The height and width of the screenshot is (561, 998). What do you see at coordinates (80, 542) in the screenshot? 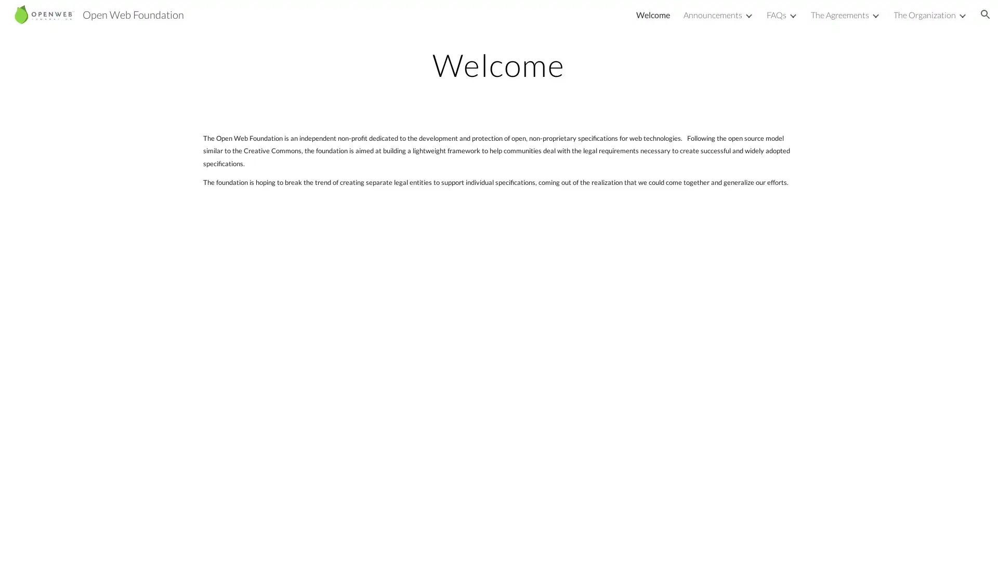
I see `Google Sites` at bounding box center [80, 542].